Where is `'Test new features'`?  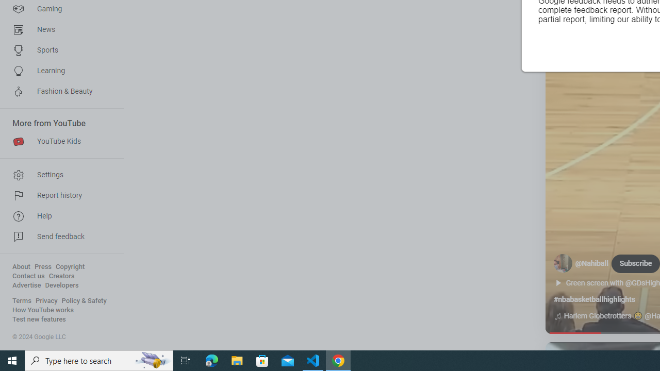 'Test new features' is located at coordinates (39, 319).